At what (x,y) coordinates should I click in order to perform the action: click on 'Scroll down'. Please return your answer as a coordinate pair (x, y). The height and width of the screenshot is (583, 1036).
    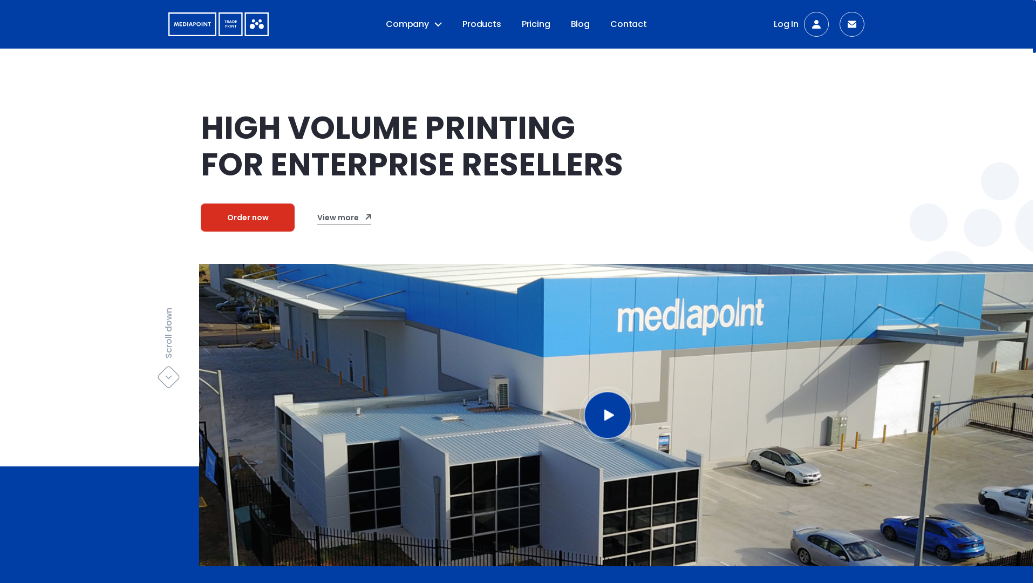
    Looking at the image, I should click on (197, 319).